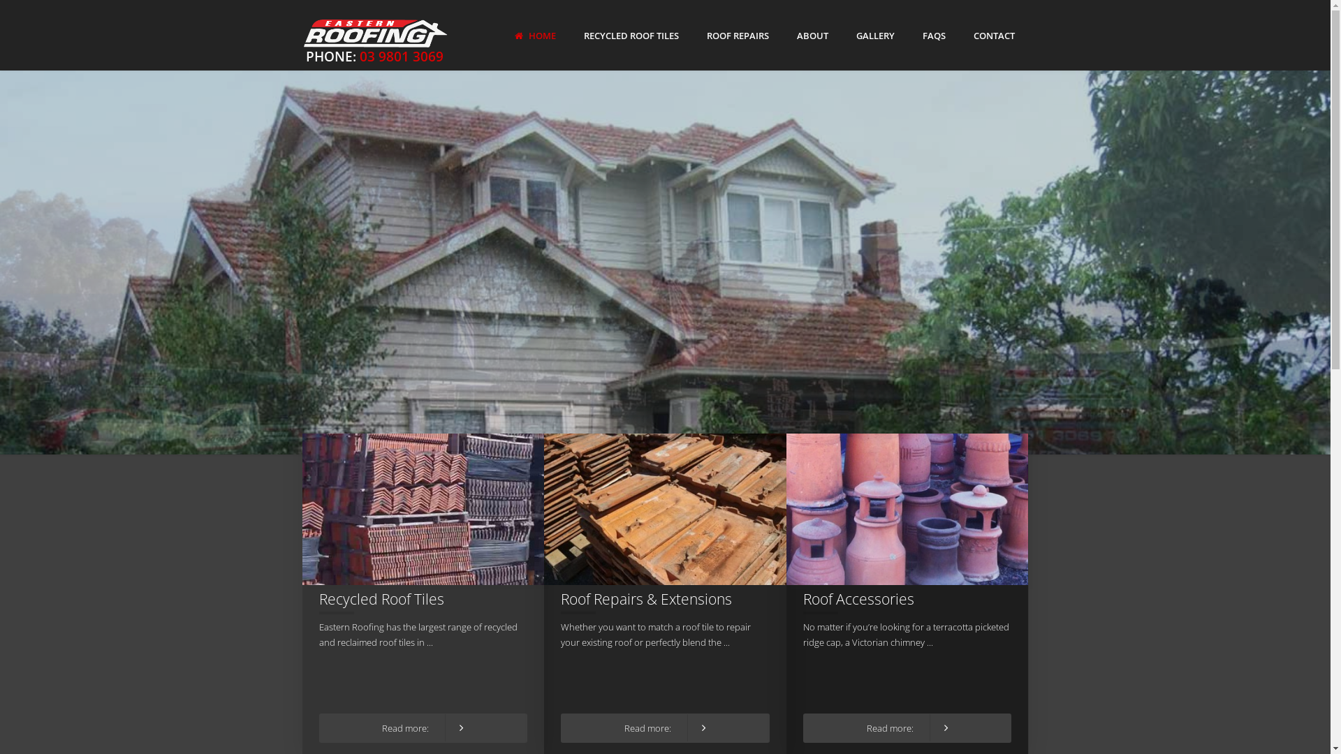 This screenshot has height=754, width=1341. Describe the element at coordinates (258, 331) in the screenshot. I see `'Melbourne's biggest stockist of second-hand roof tiles'` at that location.